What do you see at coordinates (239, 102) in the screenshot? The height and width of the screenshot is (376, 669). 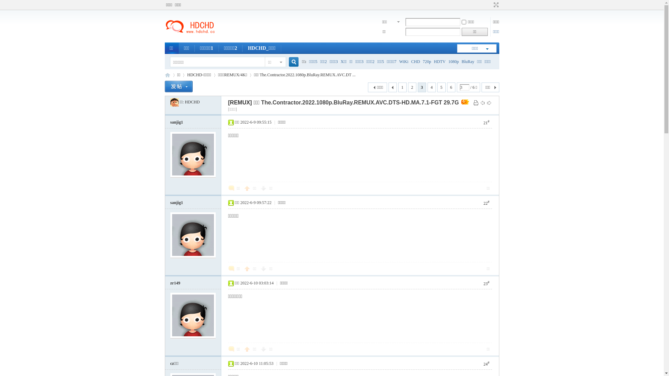 I see `'[REMUX]'` at bounding box center [239, 102].